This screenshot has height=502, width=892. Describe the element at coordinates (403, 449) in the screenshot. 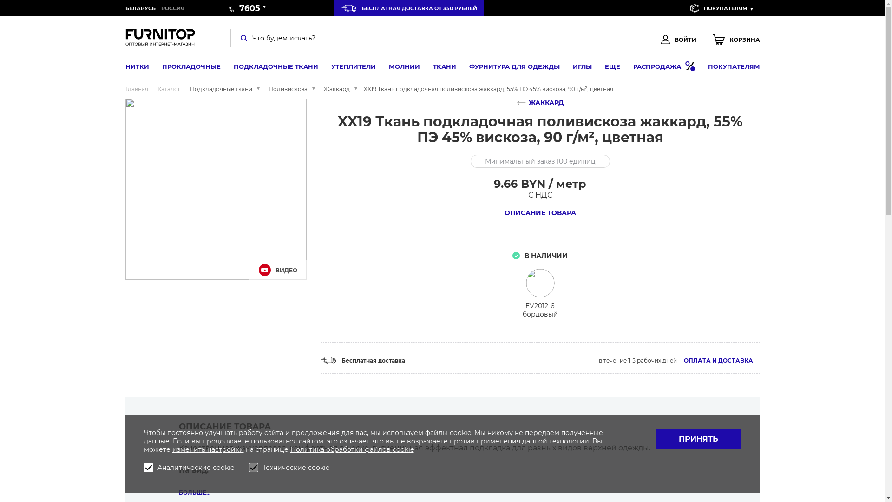

I see `'cookie'` at that location.